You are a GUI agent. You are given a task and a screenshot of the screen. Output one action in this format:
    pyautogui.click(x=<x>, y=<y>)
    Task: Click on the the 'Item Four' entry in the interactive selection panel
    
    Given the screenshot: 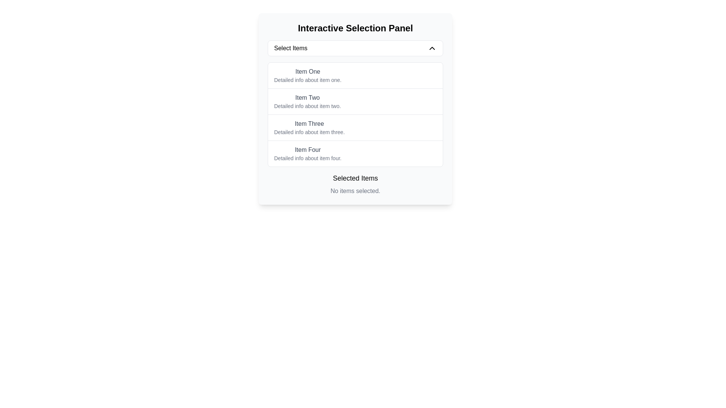 What is the action you would take?
    pyautogui.click(x=308, y=153)
    